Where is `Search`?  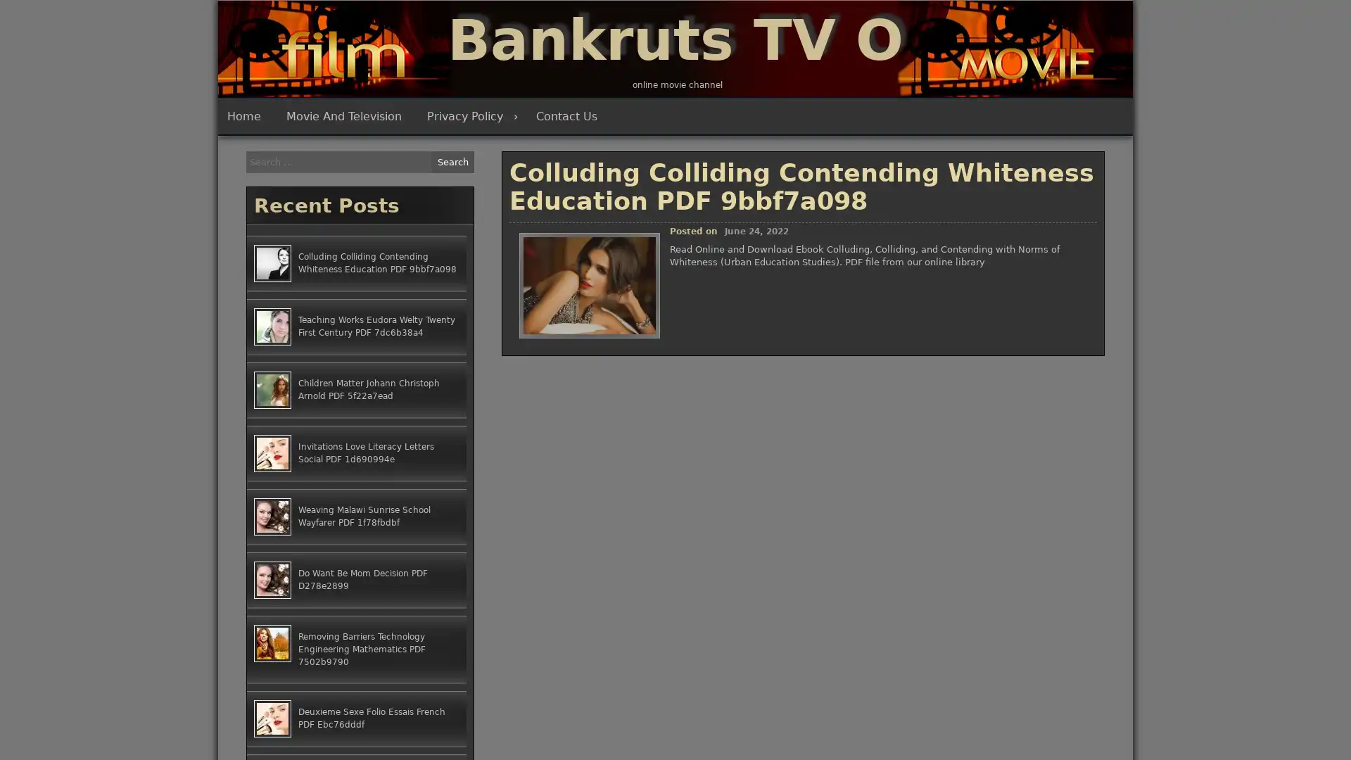 Search is located at coordinates (452, 161).